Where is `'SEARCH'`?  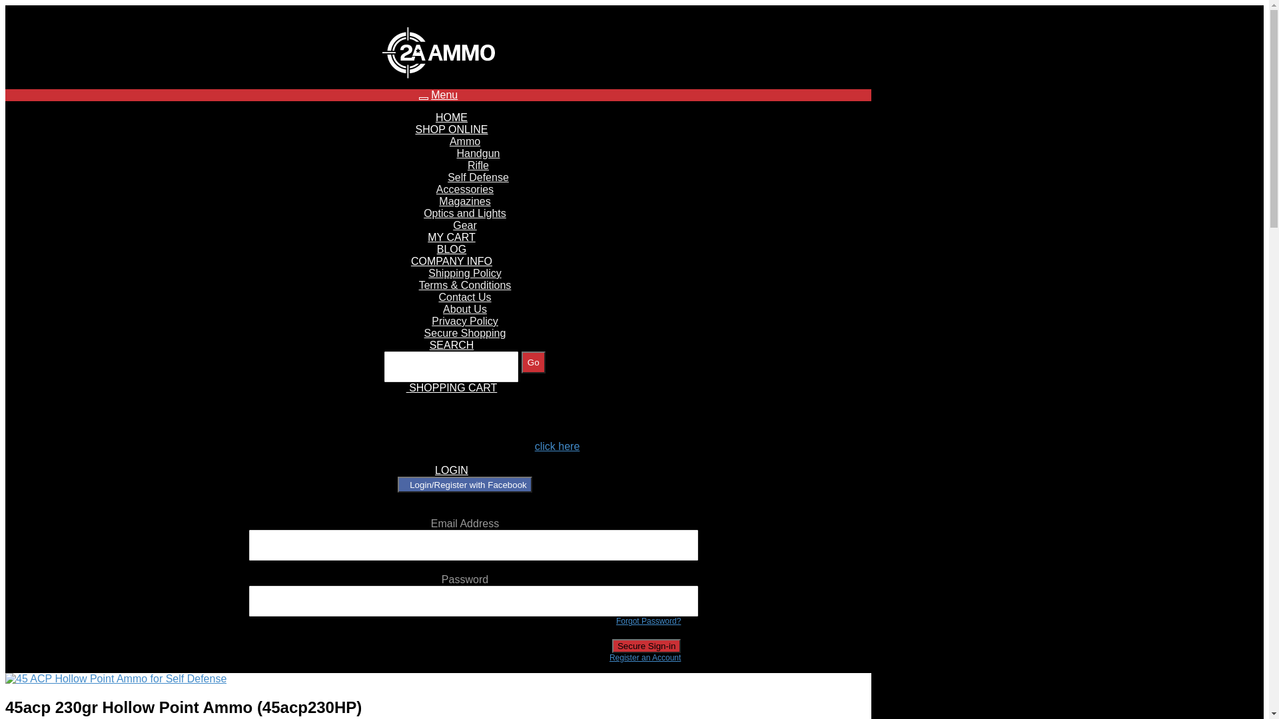
'SEARCH' is located at coordinates (452, 344).